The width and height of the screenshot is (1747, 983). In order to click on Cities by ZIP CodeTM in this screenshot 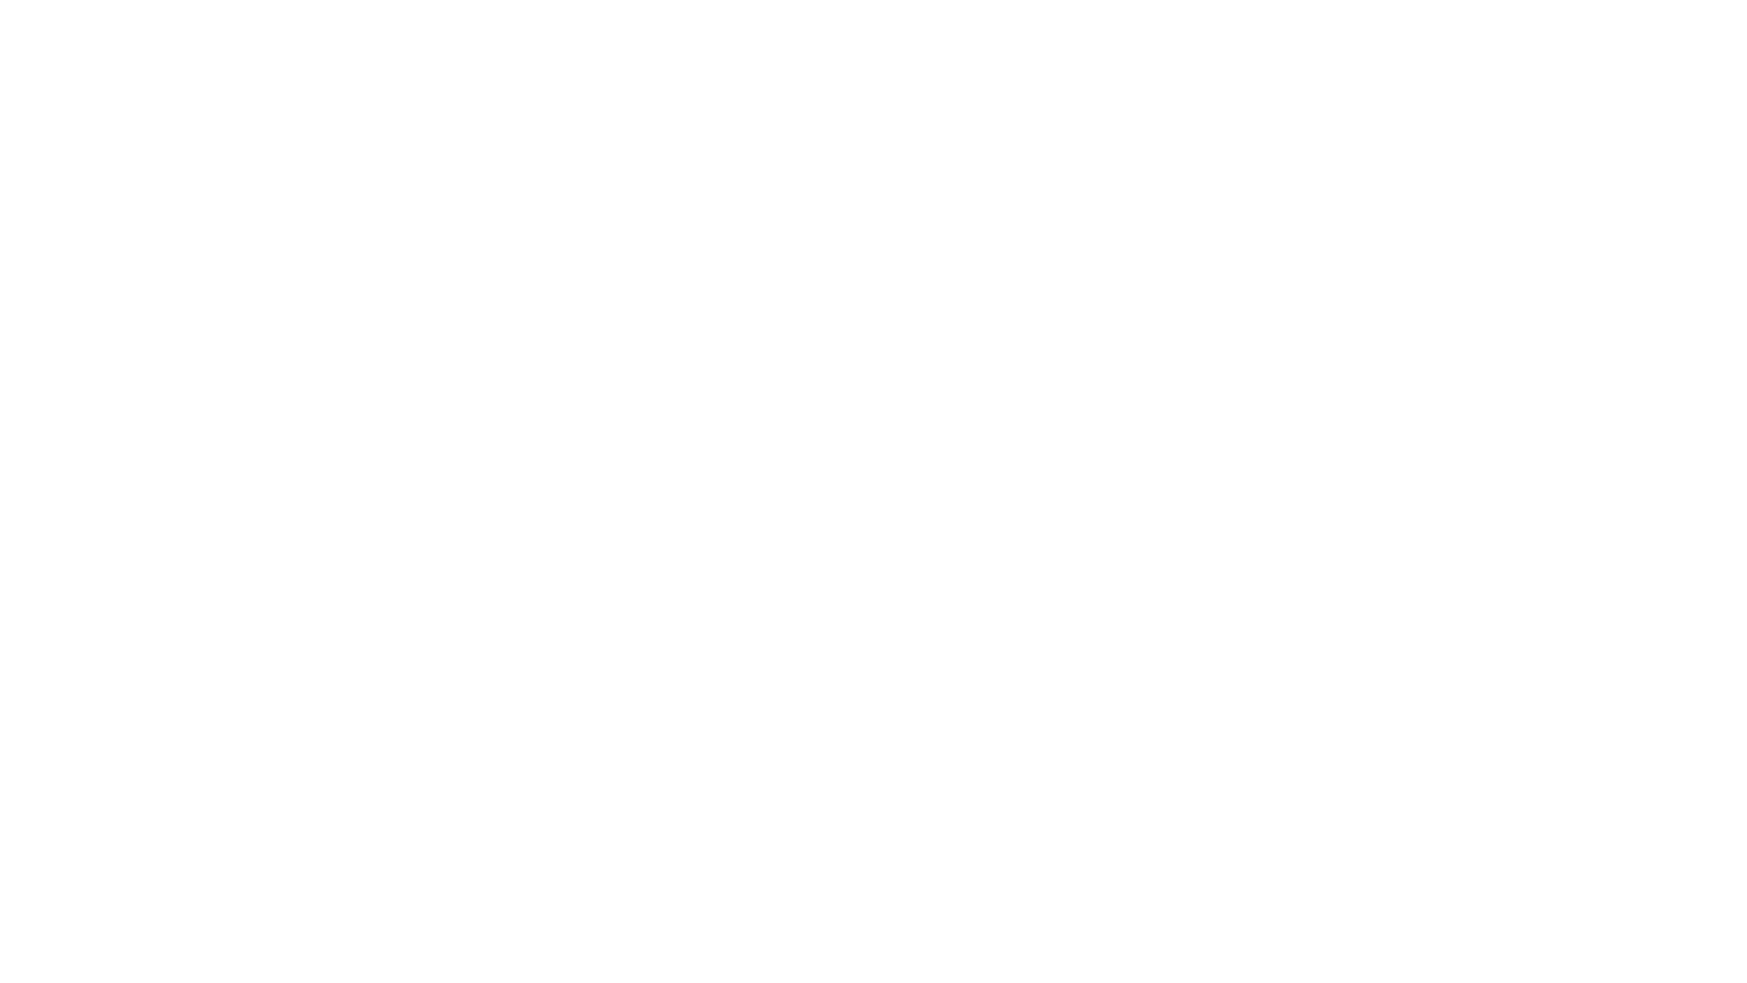, I will do `click(1218, 218)`.